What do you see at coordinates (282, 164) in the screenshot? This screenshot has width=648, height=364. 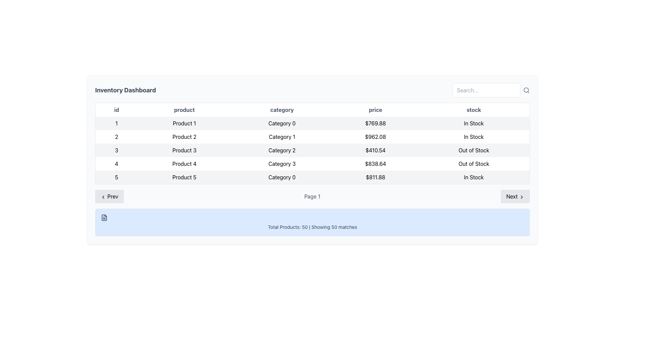 I see `the text display element representing the category designation of a product in the fourth row of the table` at bounding box center [282, 164].